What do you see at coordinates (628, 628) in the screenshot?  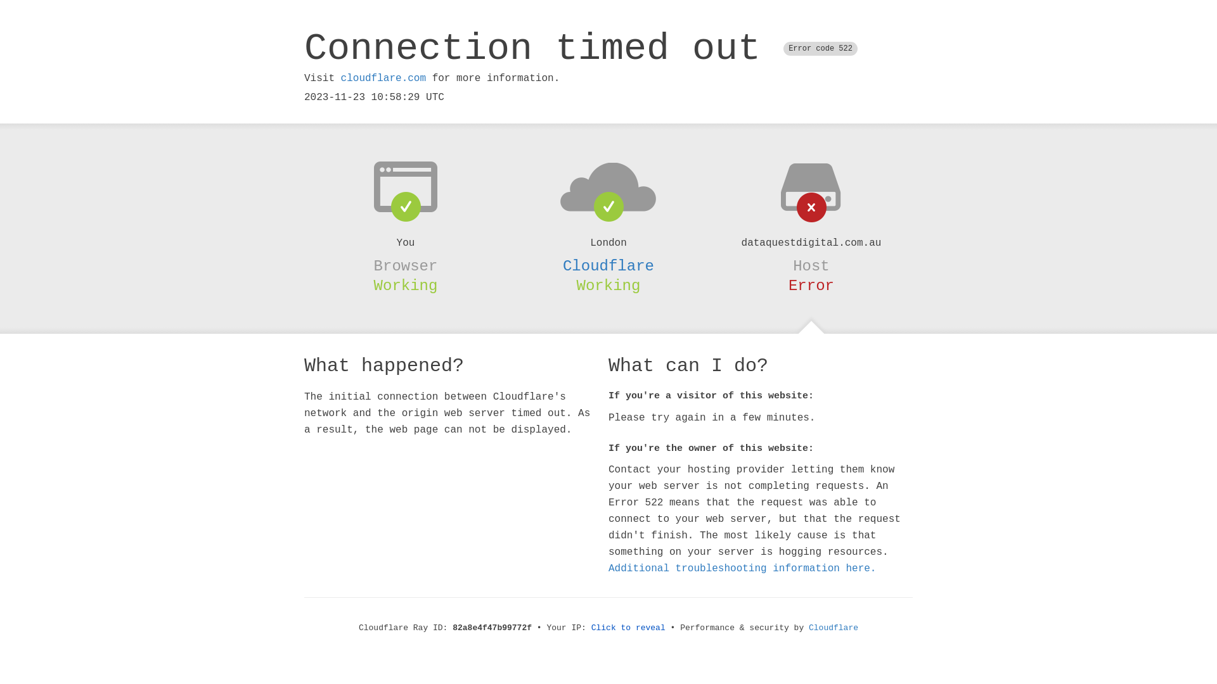 I see `'Click to reveal'` at bounding box center [628, 628].